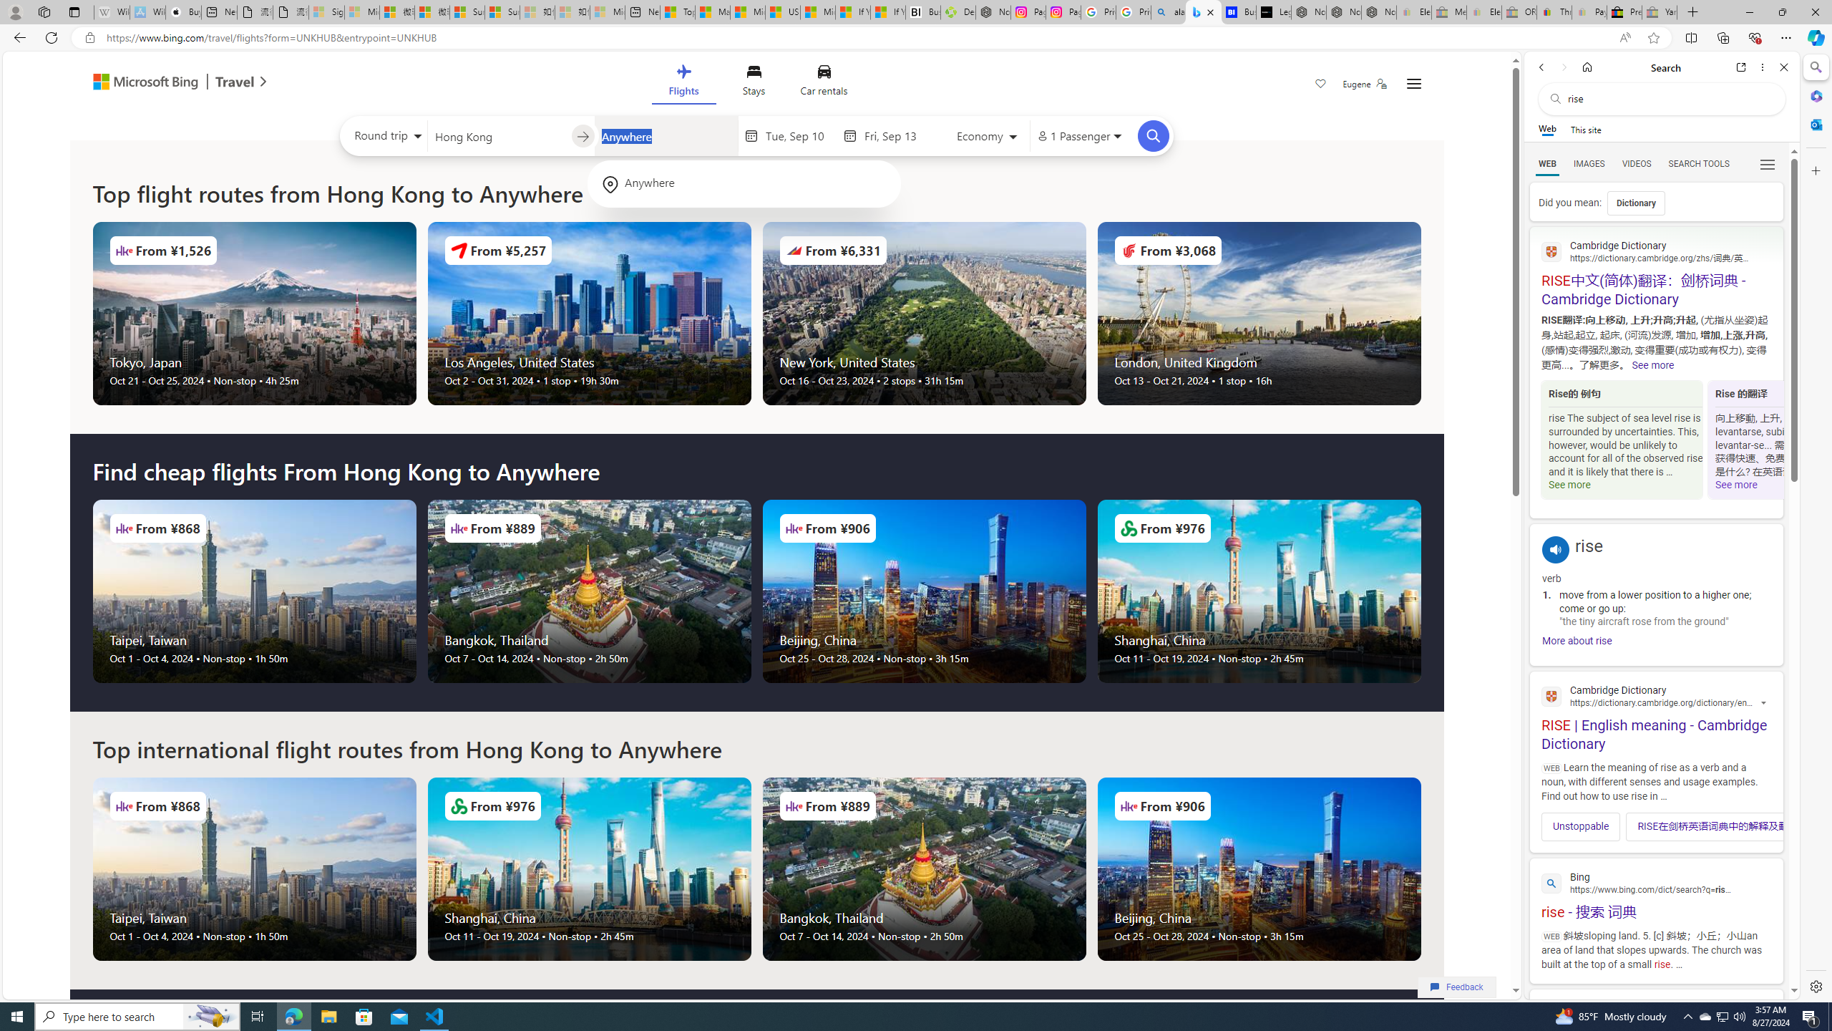 This screenshot has height=1031, width=1832. What do you see at coordinates (1320, 84) in the screenshot?
I see `'Save'` at bounding box center [1320, 84].